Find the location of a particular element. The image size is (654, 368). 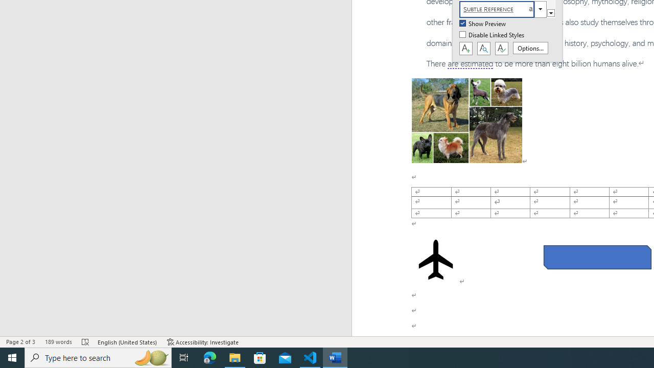

'Class: NetUIButton' is located at coordinates (501, 49).